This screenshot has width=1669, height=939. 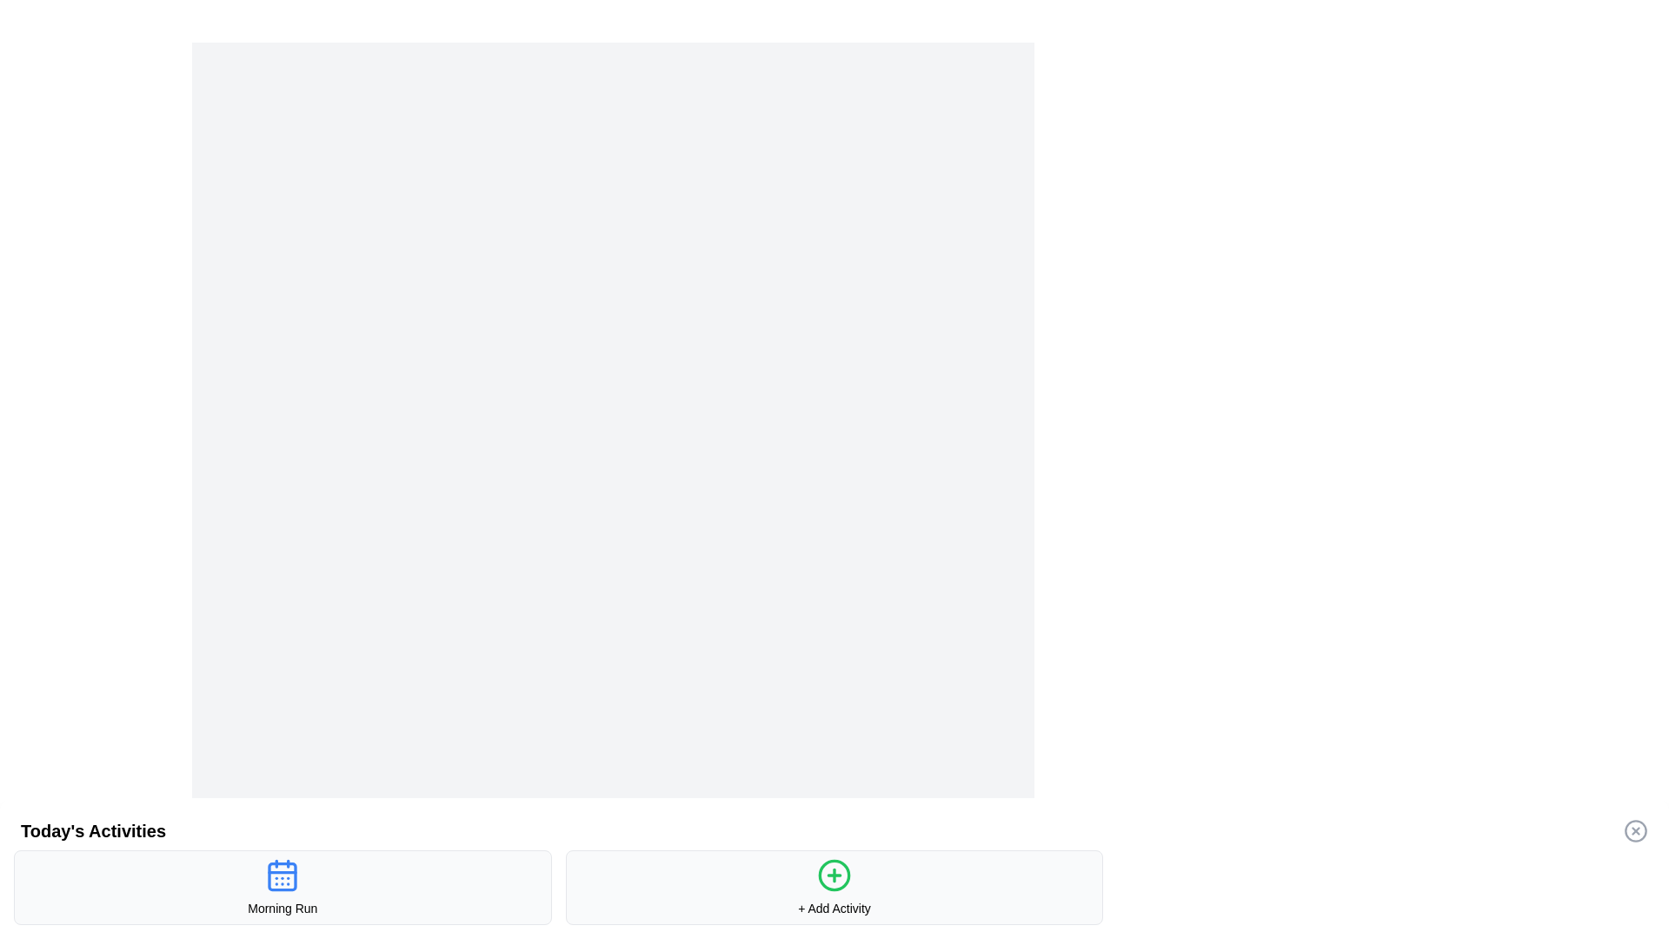 What do you see at coordinates (834, 888) in the screenshot?
I see `the green circular icon with a plus sign above the text '+ Add Activity'` at bounding box center [834, 888].